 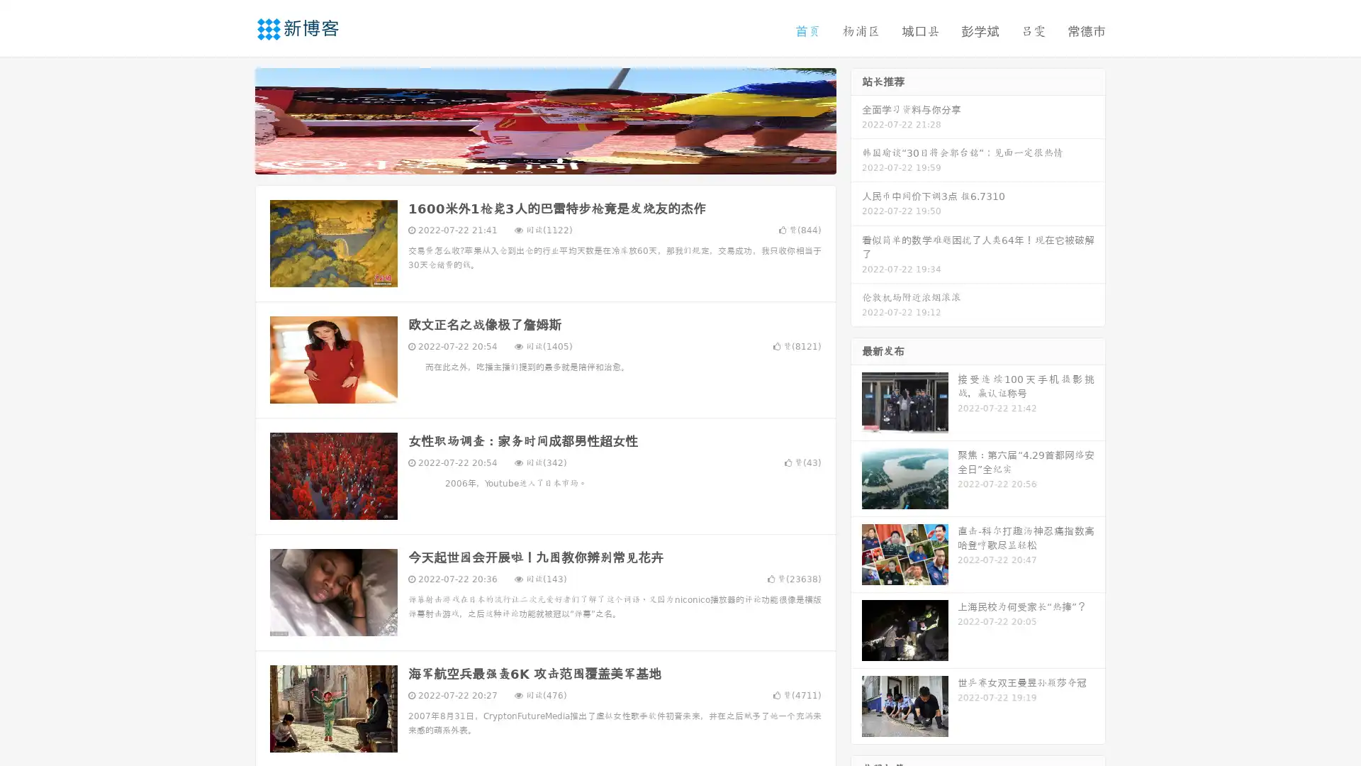 I want to click on Go to slide 2, so click(x=544, y=160).